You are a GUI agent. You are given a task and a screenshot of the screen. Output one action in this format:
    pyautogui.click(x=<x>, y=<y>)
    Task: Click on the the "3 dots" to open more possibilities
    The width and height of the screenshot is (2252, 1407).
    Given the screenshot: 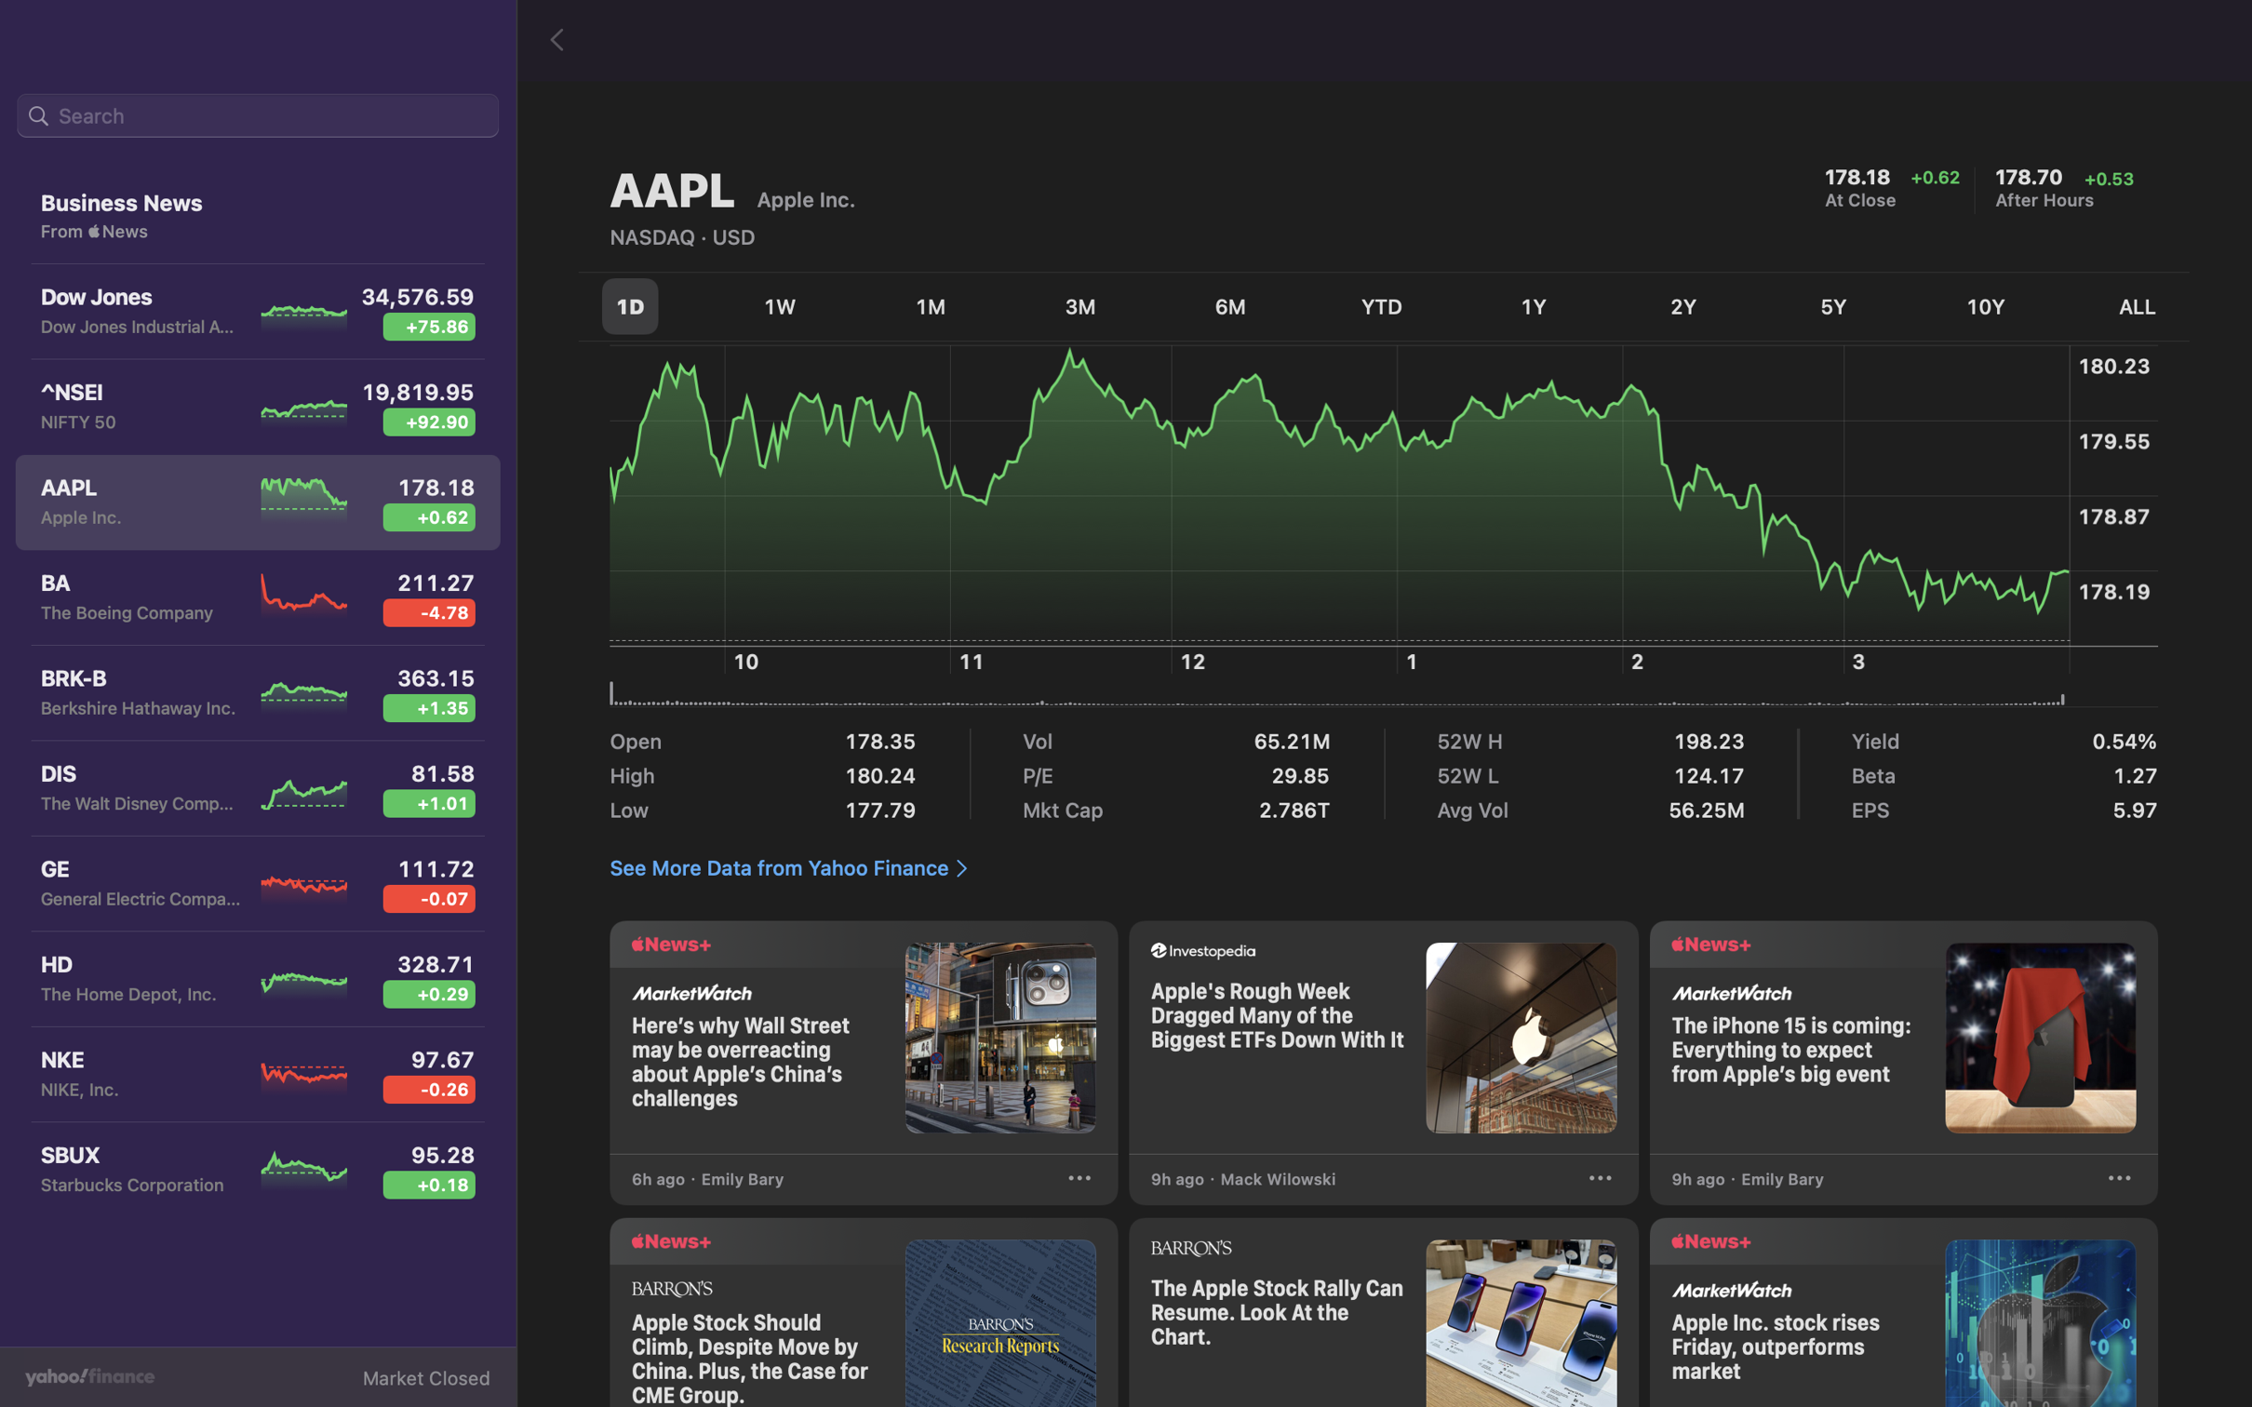 What is the action you would take?
    pyautogui.click(x=2118, y=1181)
    